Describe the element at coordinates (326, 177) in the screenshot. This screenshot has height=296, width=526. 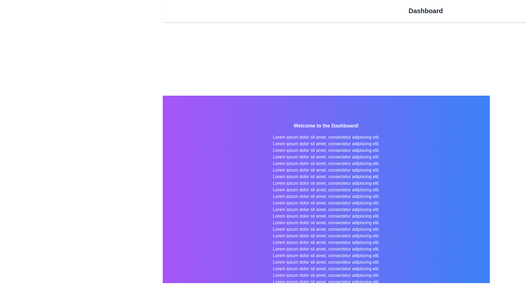
I see `the eighth text snippet in a vertically aligned list of similar text elements, which serves as a non-interactive visual component displaying placeholder or informational text` at that location.